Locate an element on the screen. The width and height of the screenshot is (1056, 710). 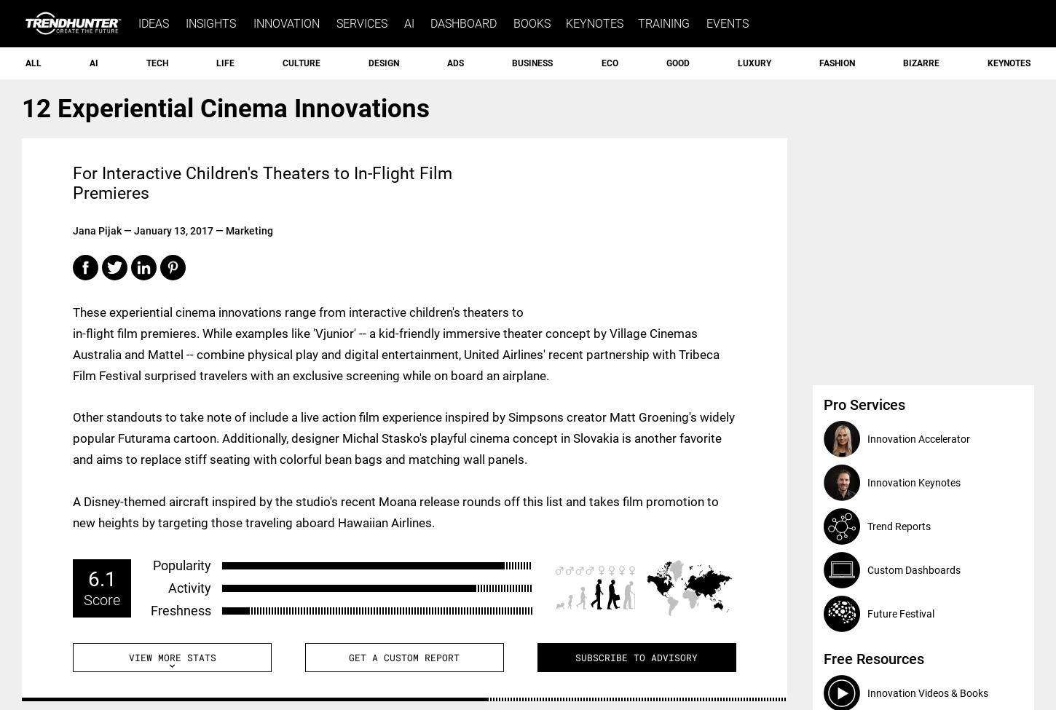
'Bizarre' is located at coordinates (920, 63).